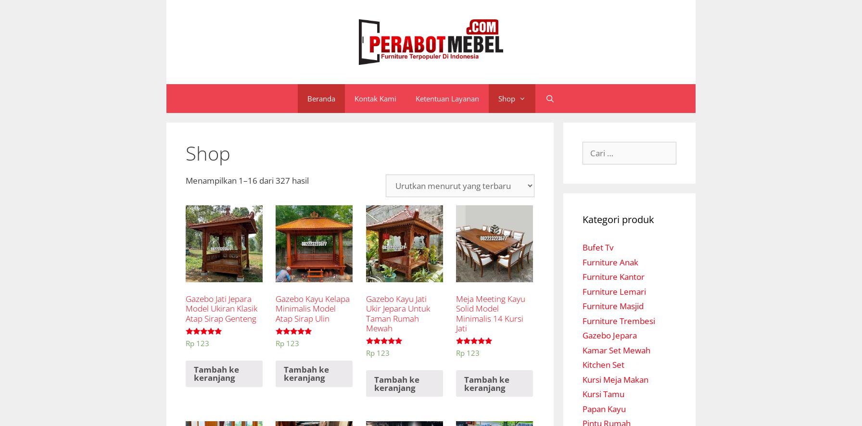 This screenshot has height=426, width=862. I want to click on 'Papan Kayu', so click(604, 408).